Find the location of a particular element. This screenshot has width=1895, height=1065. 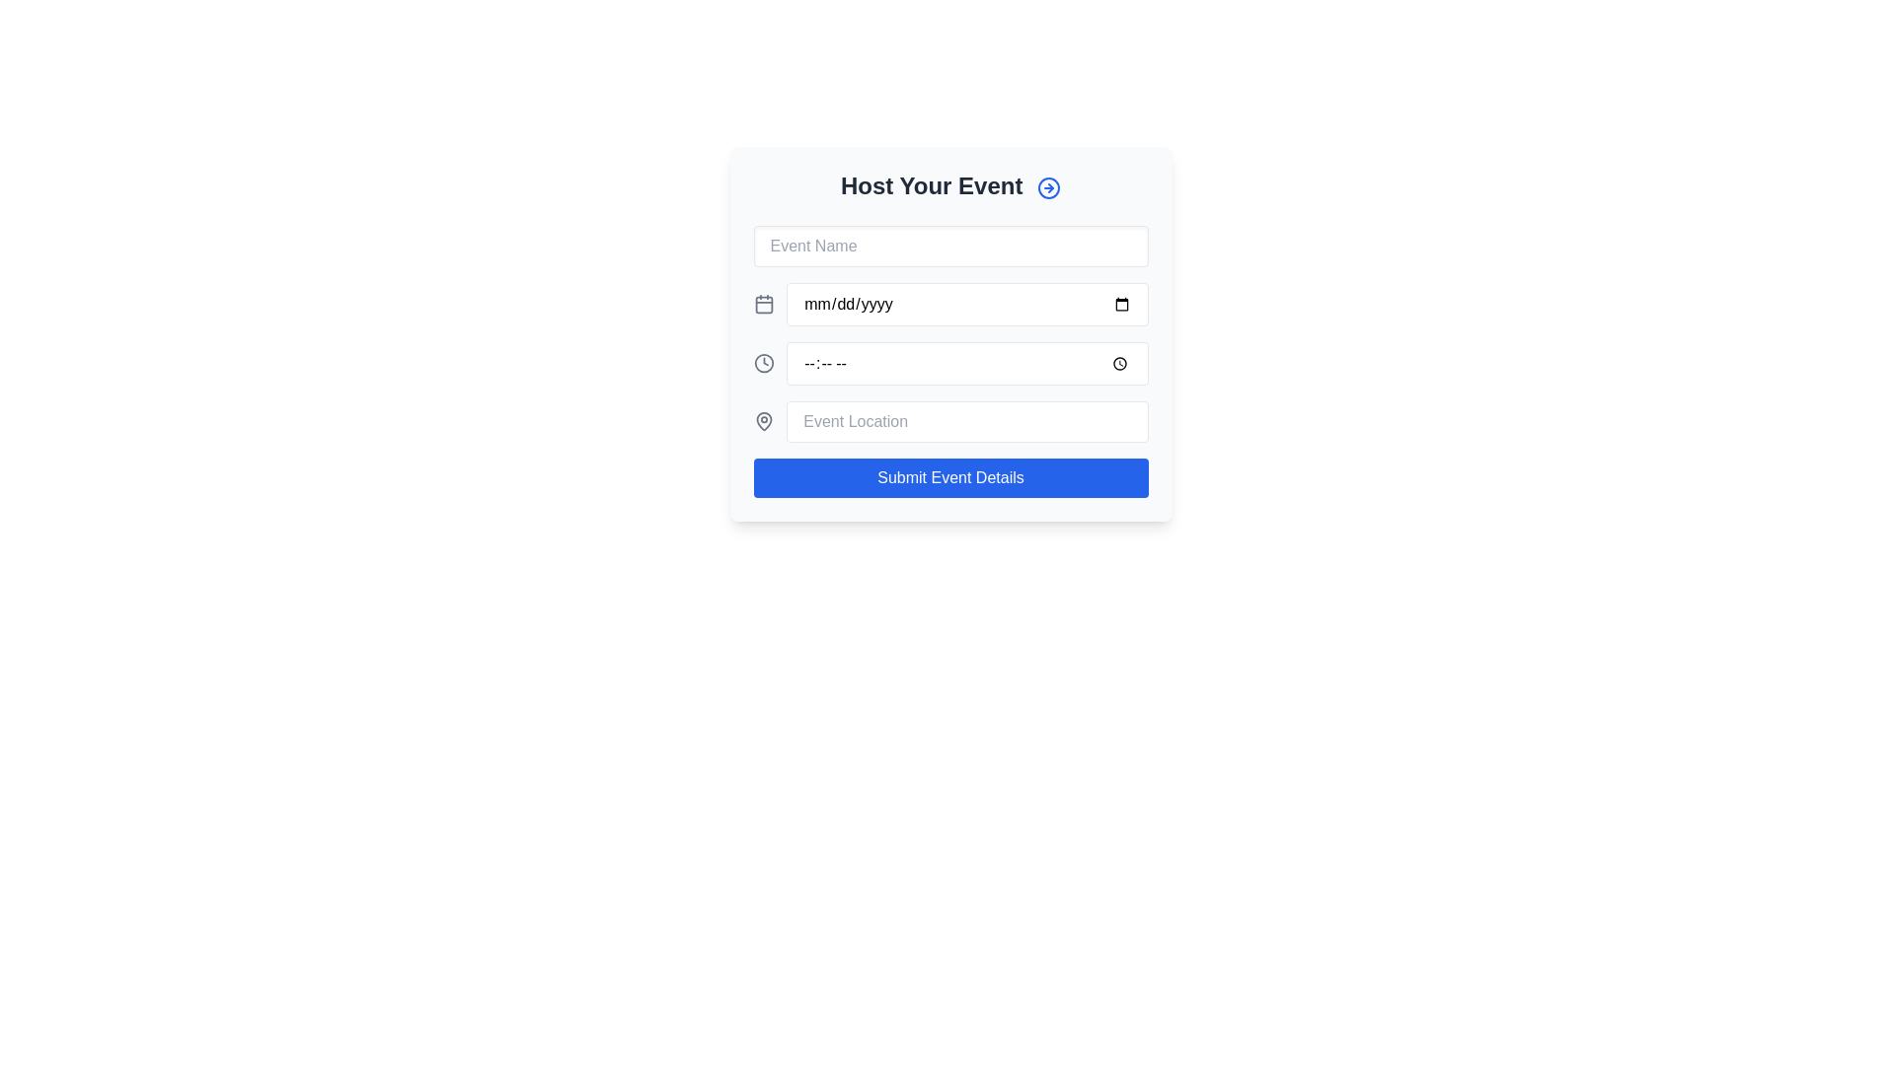

the circular graphical component of the SVG icon located beside the 'Host Your Event' heading text in the event creation form is located at coordinates (1048, 187).